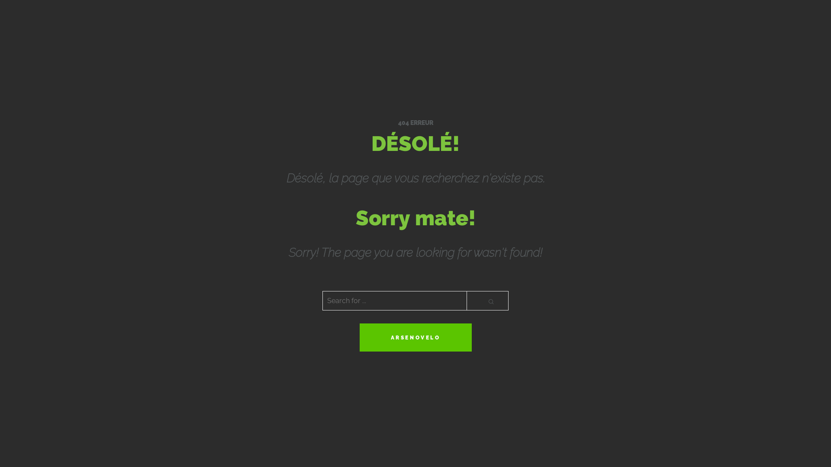 Image resolution: width=831 pixels, height=467 pixels. Describe the element at coordinates (415, 337) in the screenshot. I see `'ARSENOVELO'` at that location.